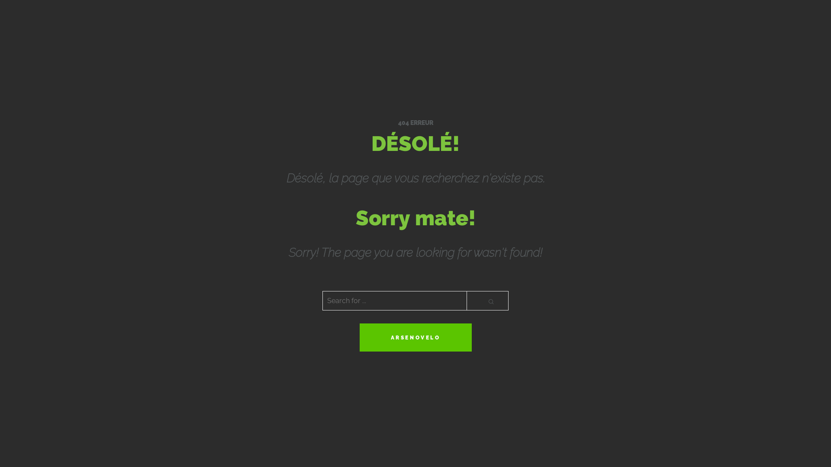 Image resolution: width=831 pixels, height=467 pixels. Describe the element at coordinates (415, 337) in the screenshot. I see `'ARSENOVELO'` at that location.